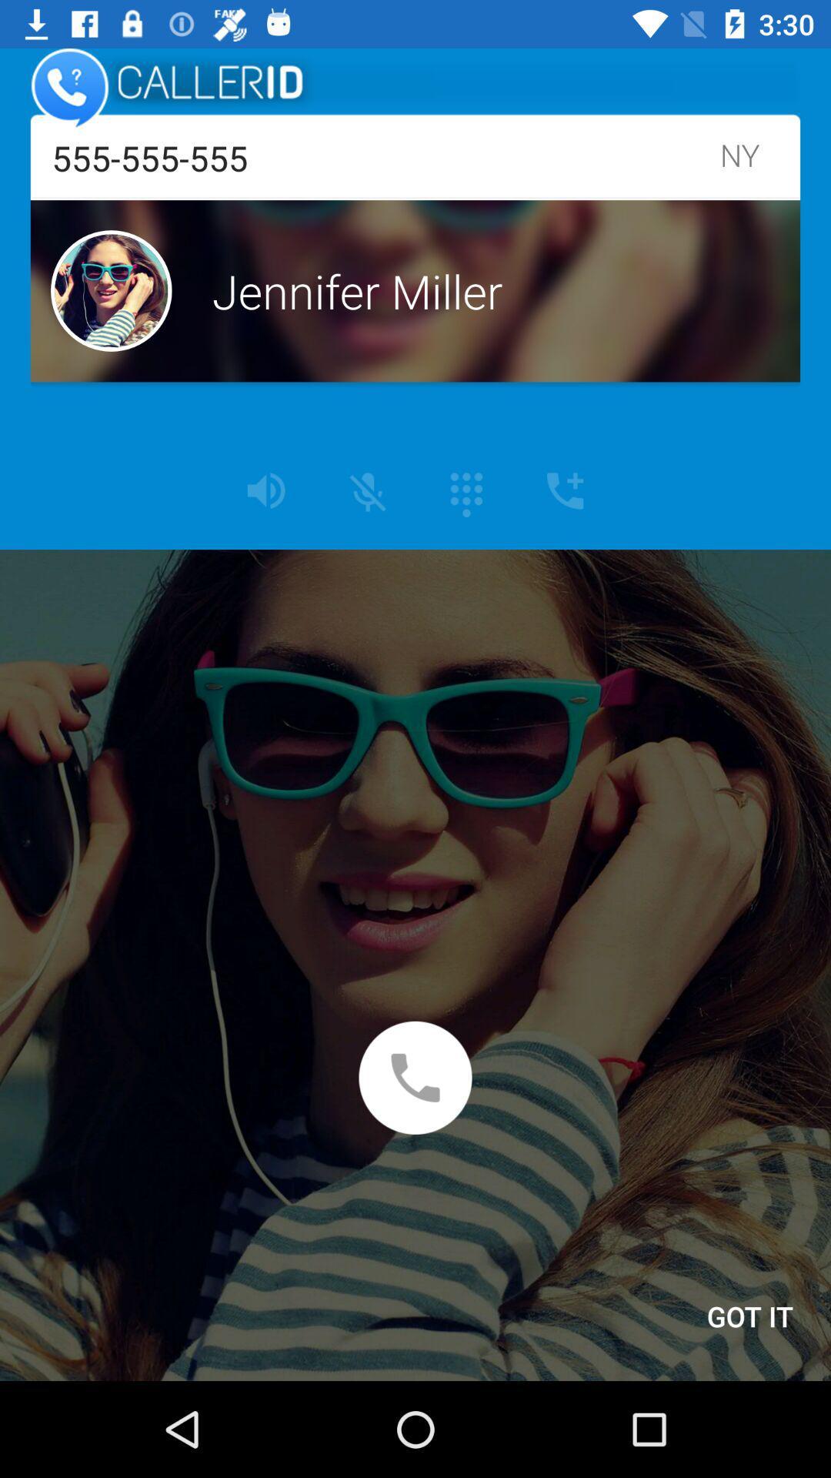 The height and width of the screenshot is (1478, 831). I want to click on the volume icon, so click(265, 490).